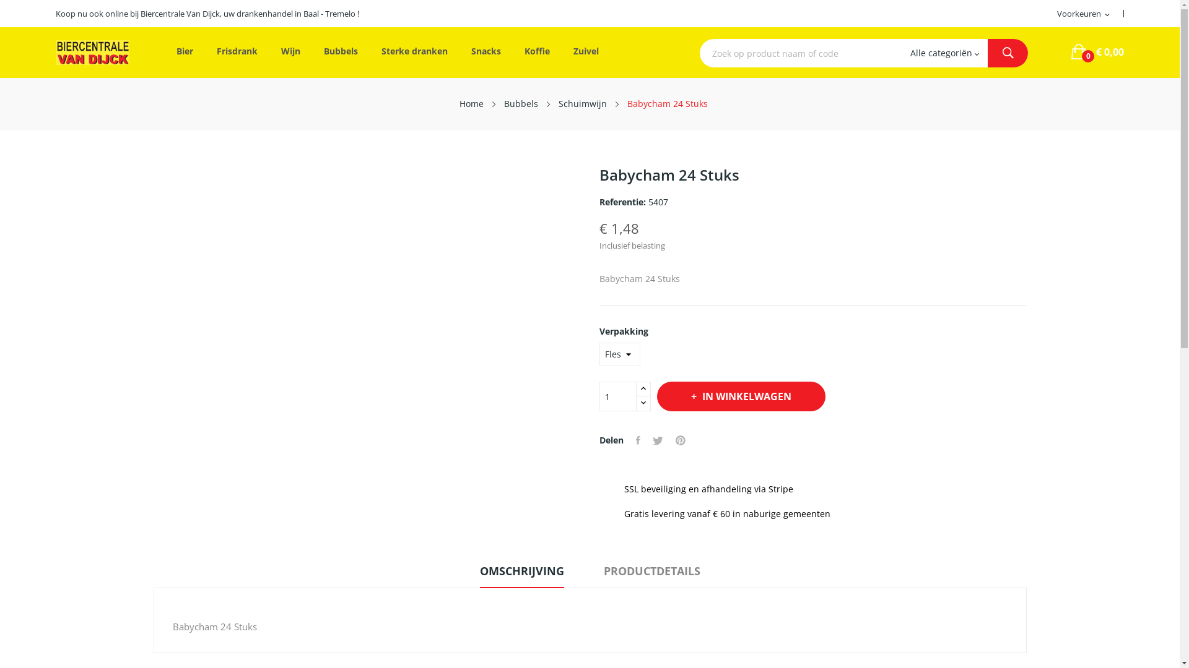 Image resolution: width=1189 pixels, height=668 pixels. I want to click on 'Zuivel', so click(573, 51).